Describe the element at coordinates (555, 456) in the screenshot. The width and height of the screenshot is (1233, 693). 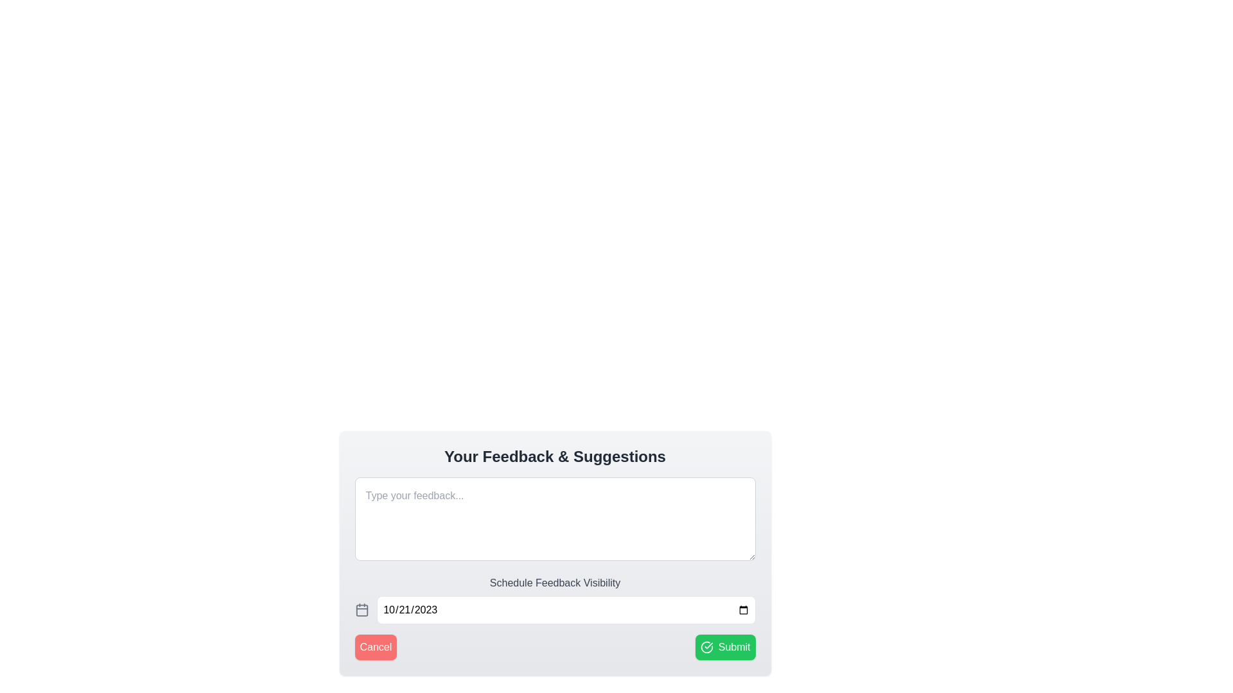
I see `the static text heading that reads 'Your Feedback & Suggestions', which is styled in bold and large font, positioned at the top of its section` at that location.